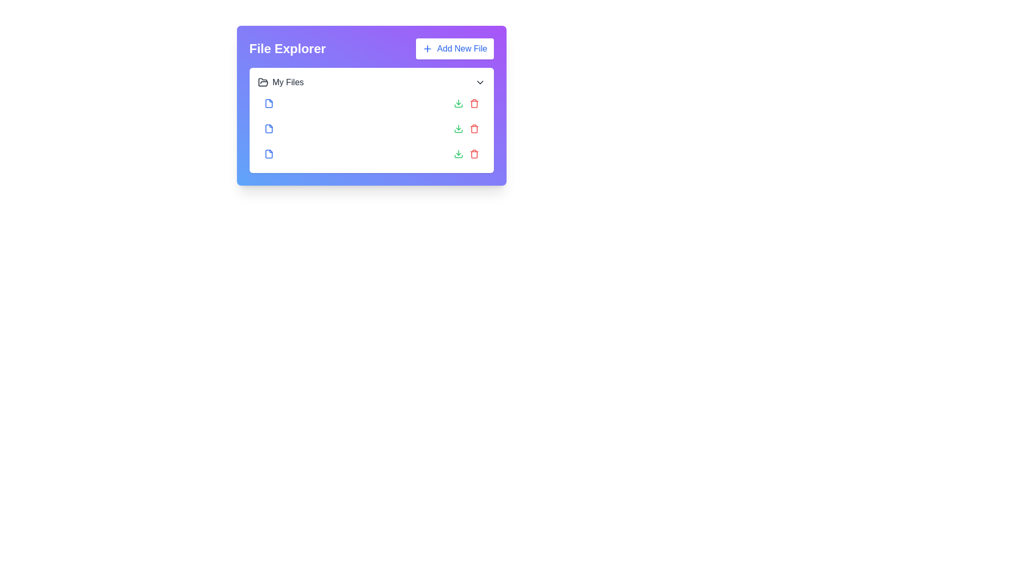 The height and width of the screenshot is (568, 1011). I want to click on the 'Meeting_Notes.txt' file list entry, which is the second item in a vertical file list, so click(371, 128).